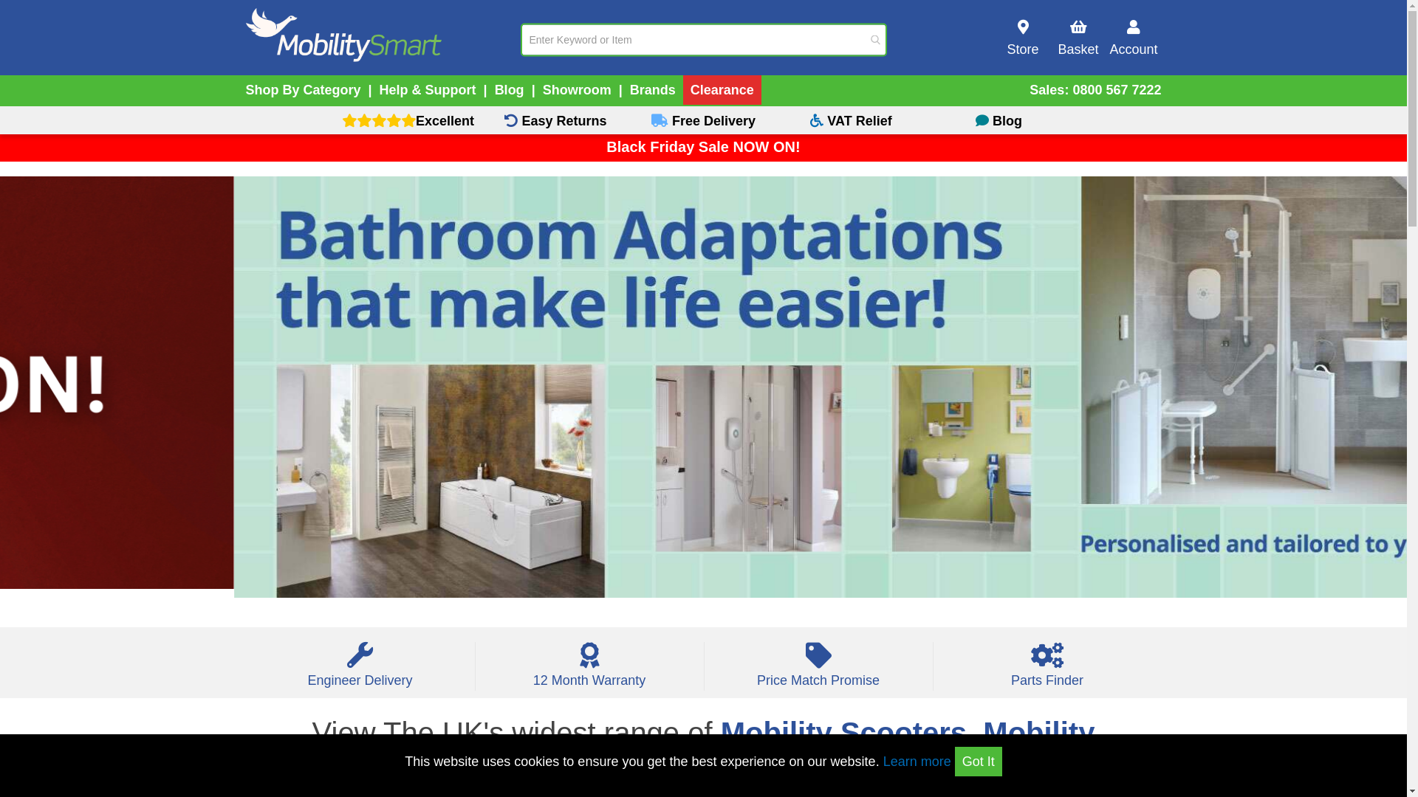  I want to click on 'Blog', so click(999, 120).